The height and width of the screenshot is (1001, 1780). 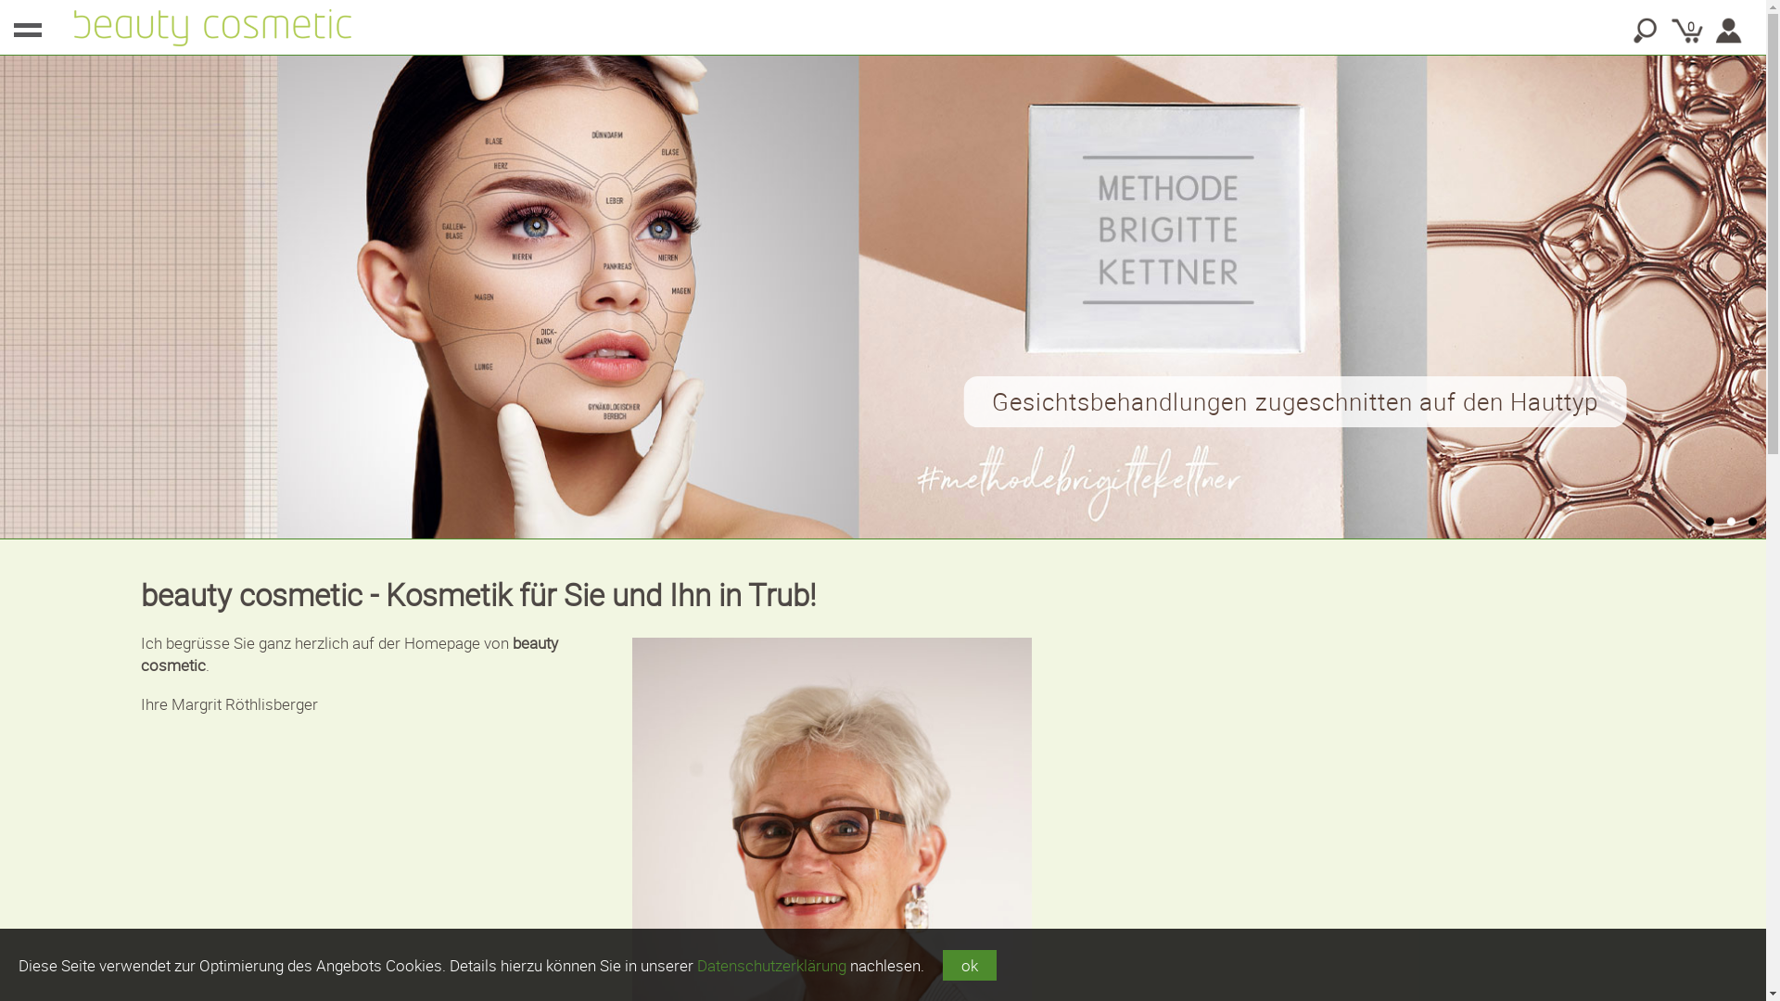 I want to click on '0', so click(x=1669, y=31).